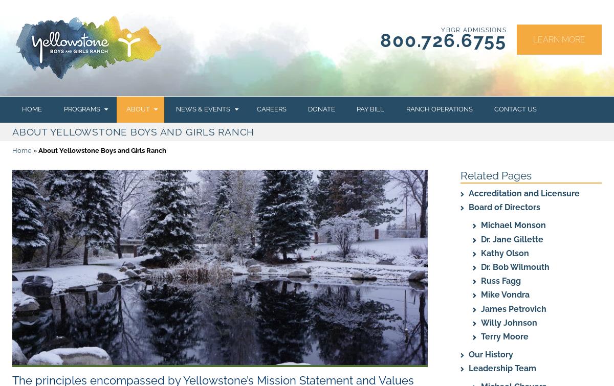 Image resolution: width=614 pixels, height=386 pixels. What do you see at coordinates (321, 109) in the screenshot?
I see `'Donate'` at bounding box center [321, 109].